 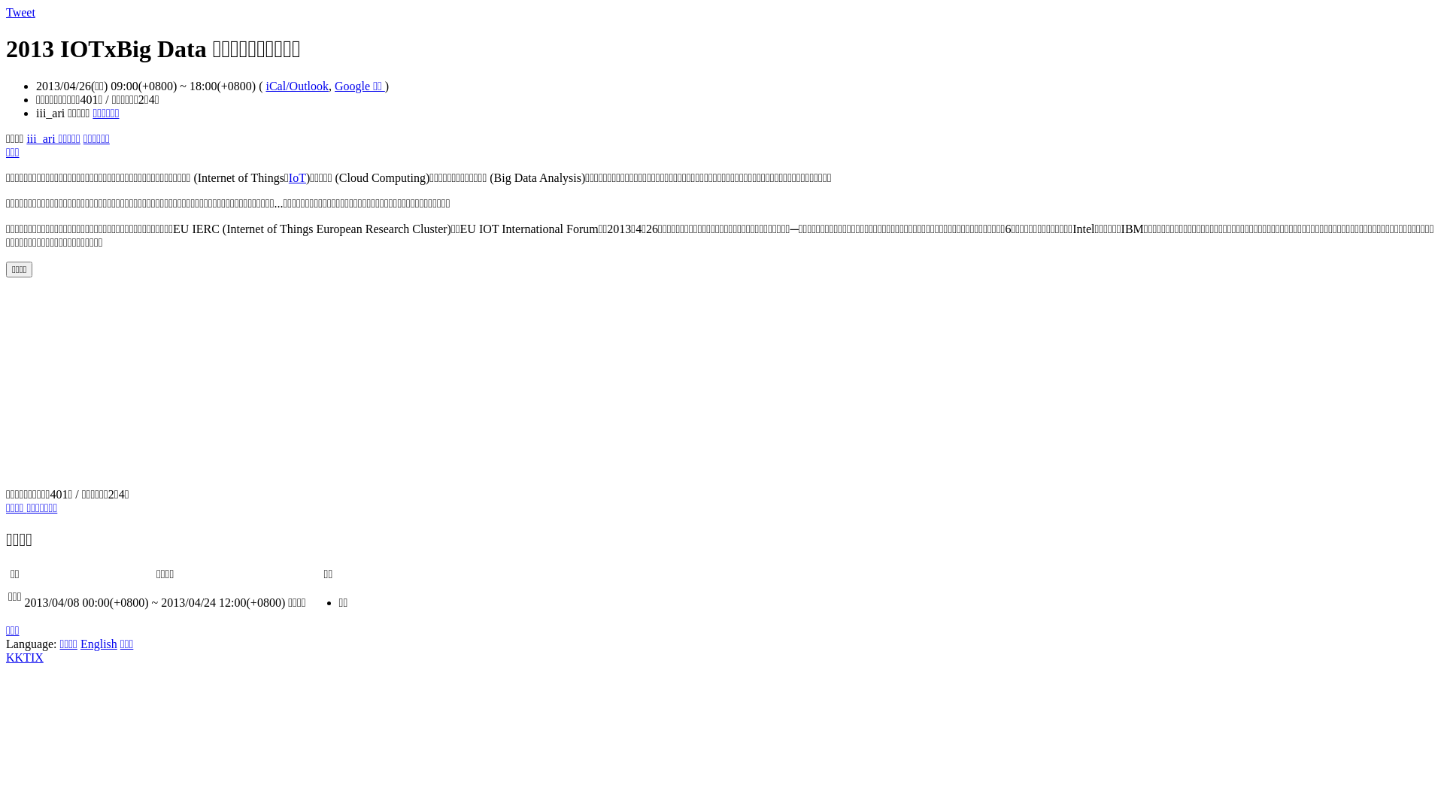 I want to click on 'IoT', so click(x=297, y=177).